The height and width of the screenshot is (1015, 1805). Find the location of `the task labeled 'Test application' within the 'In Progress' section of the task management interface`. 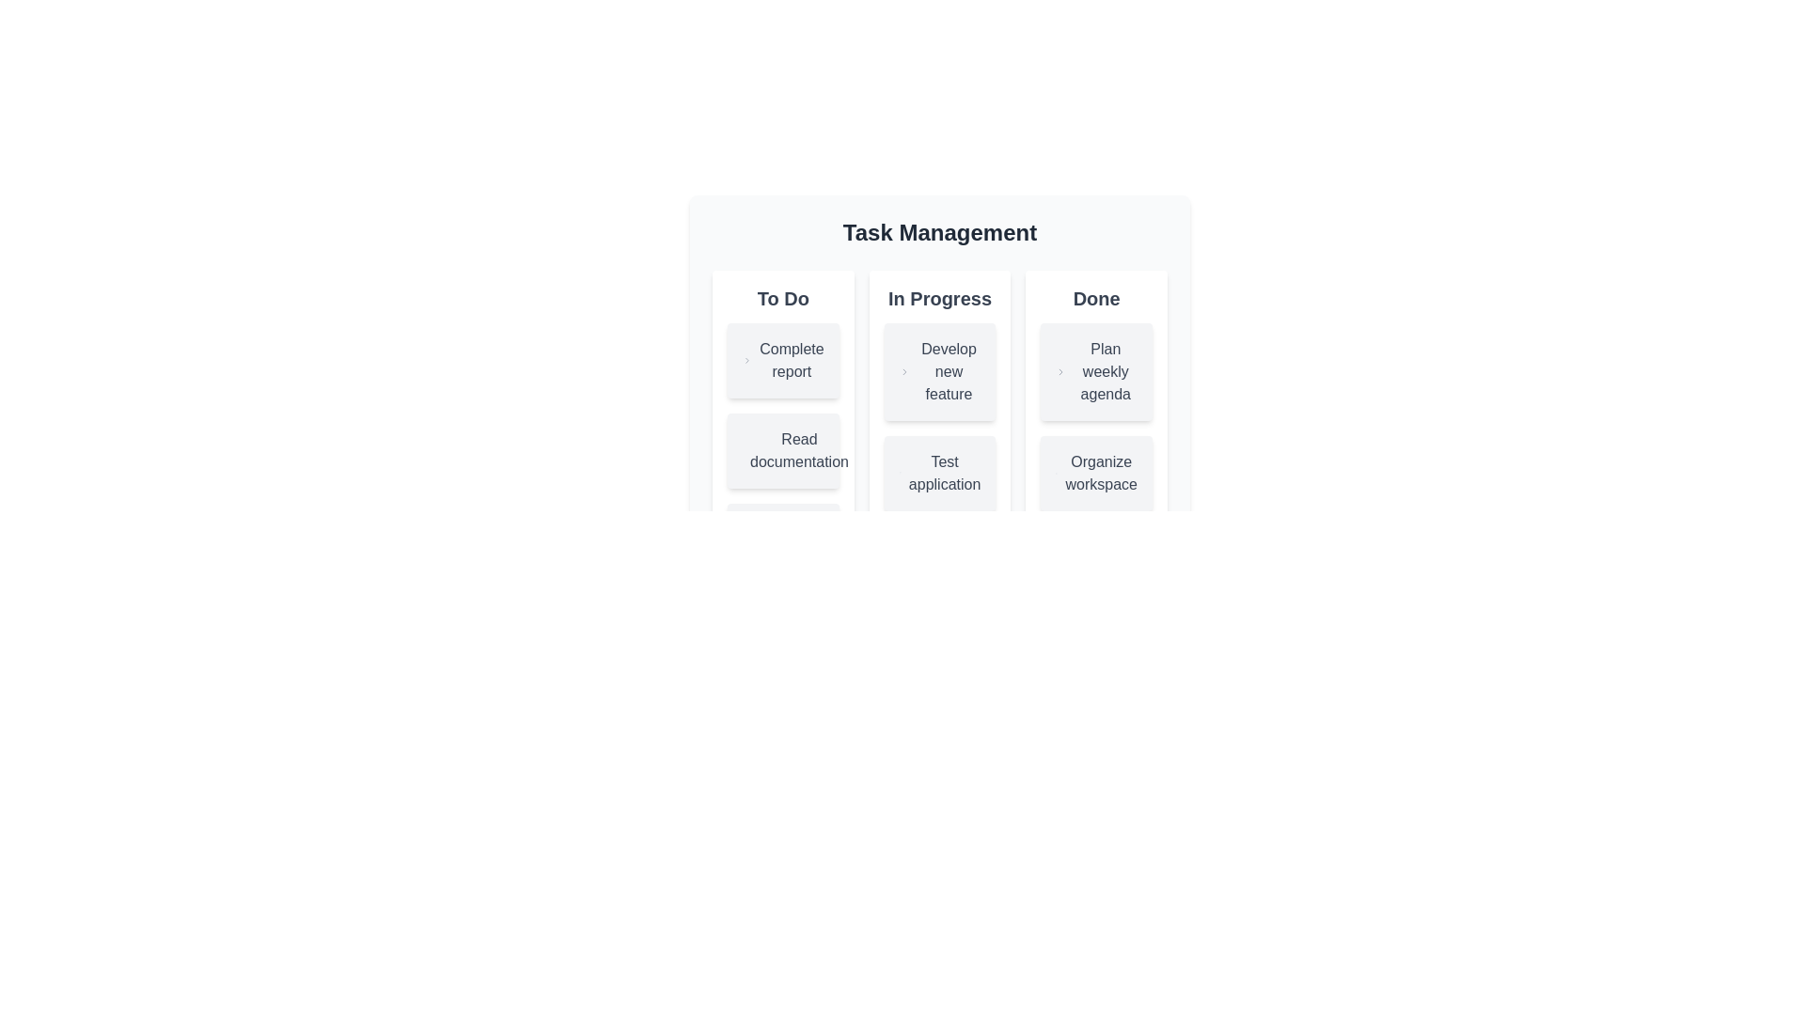

the task labeled 'Test application' within the 'In Progress' section of the task management interface is located at coordinates (939, 443).